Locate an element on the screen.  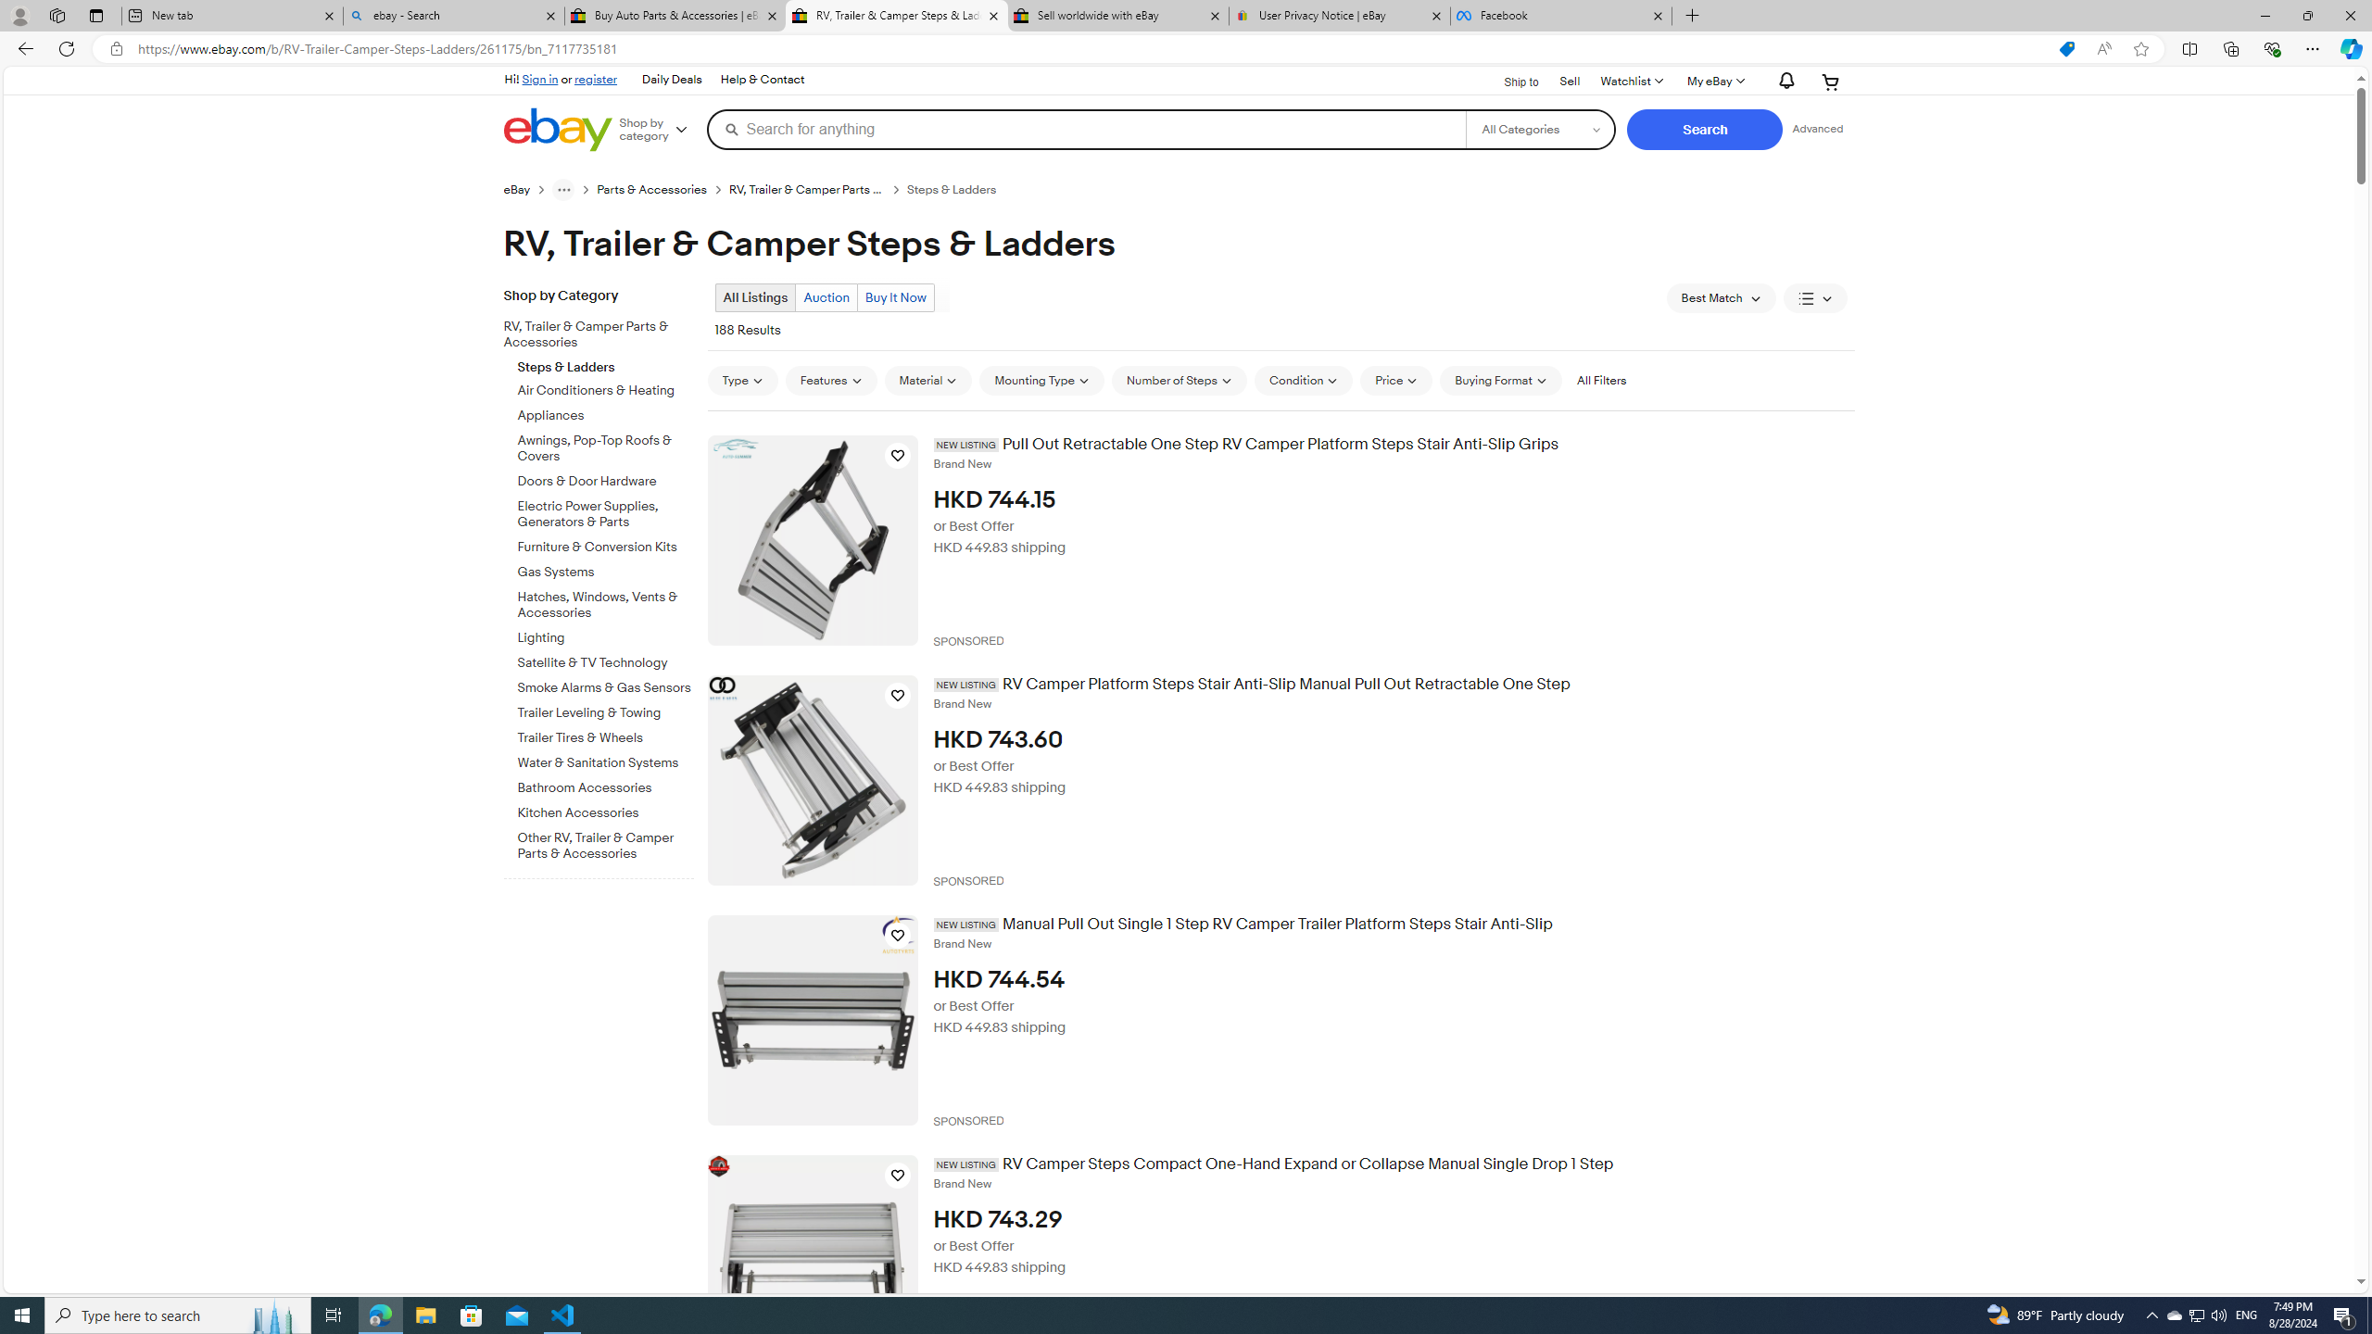
'Auction' is located at coordinates (826, 297).